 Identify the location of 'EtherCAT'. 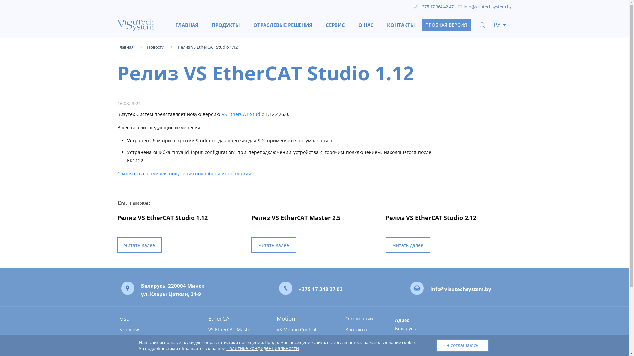
(207, 318).